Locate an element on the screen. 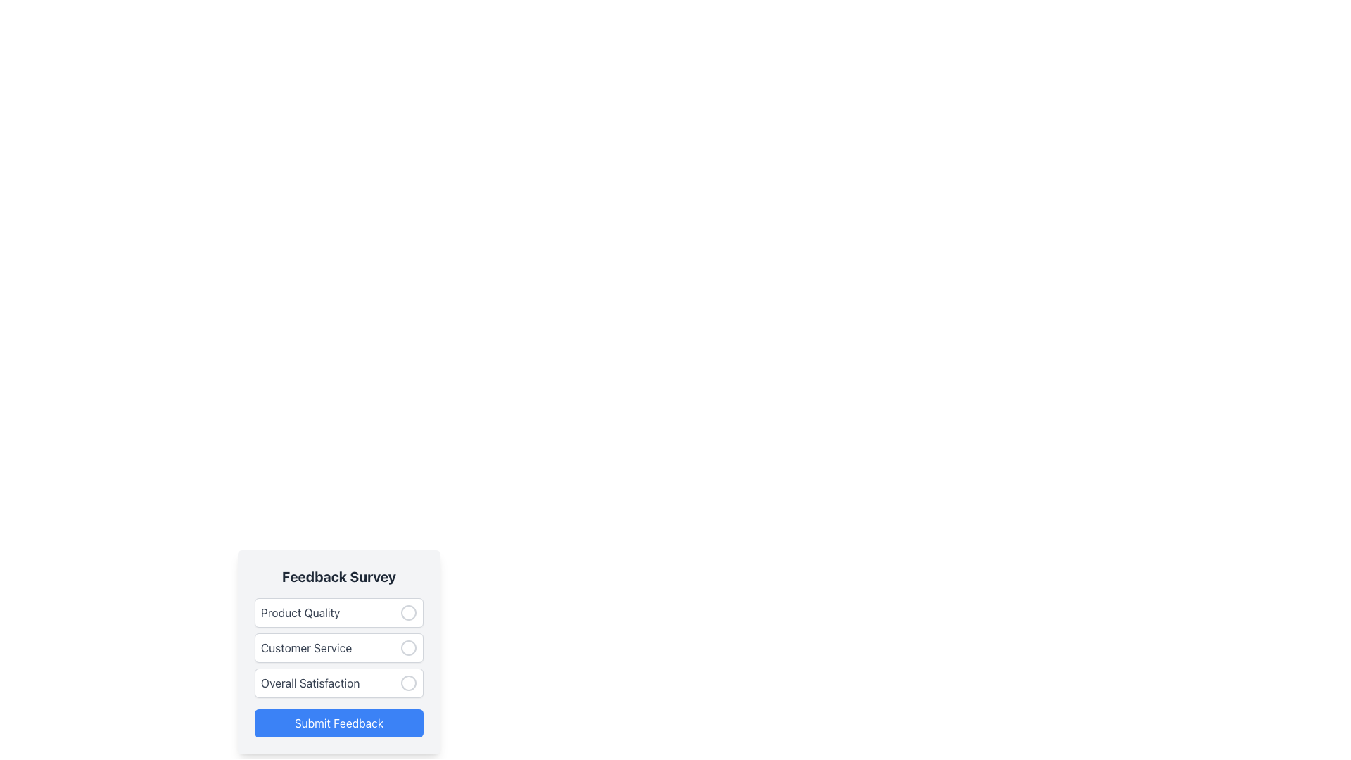 The width and height of the screenshot is (1351, 760). the 'Submit Feedback' button, which is a rectangular button with rounded corners, located at the bottom of the form is located at coordinates (338, 723).